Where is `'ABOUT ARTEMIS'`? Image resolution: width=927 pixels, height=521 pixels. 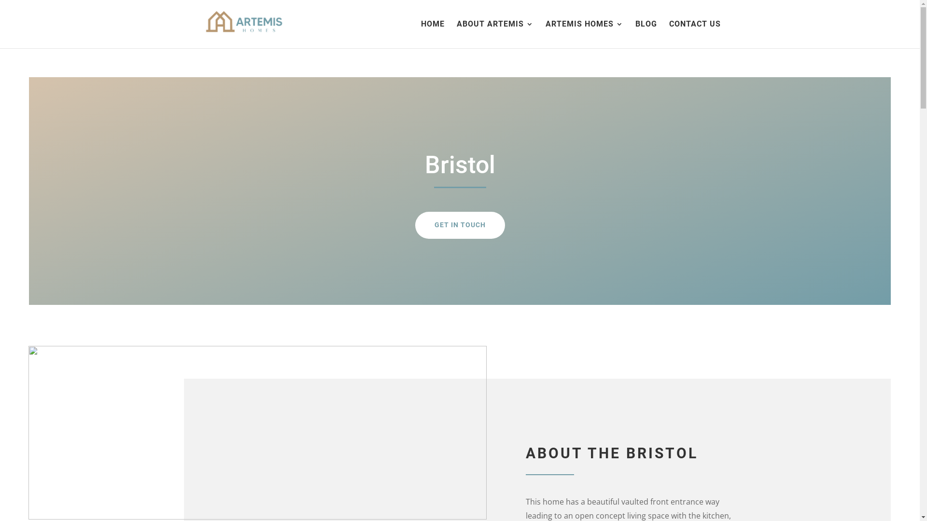
'ABOUT ARTEMIS' is located at coordinates (495, 34).